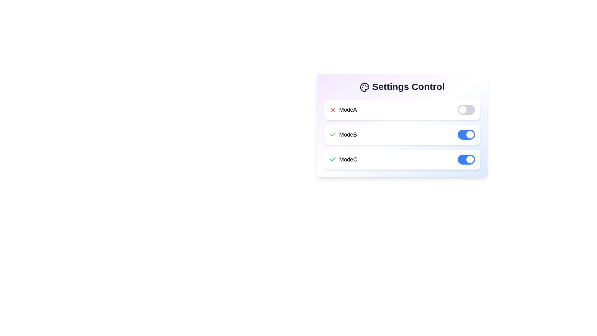 The height and width of the screenshot is (336, 597). I want to click on the information associated with the checkmark icon indicating that ModeC is enabled in the Settings Control widget, so click(332, 134).